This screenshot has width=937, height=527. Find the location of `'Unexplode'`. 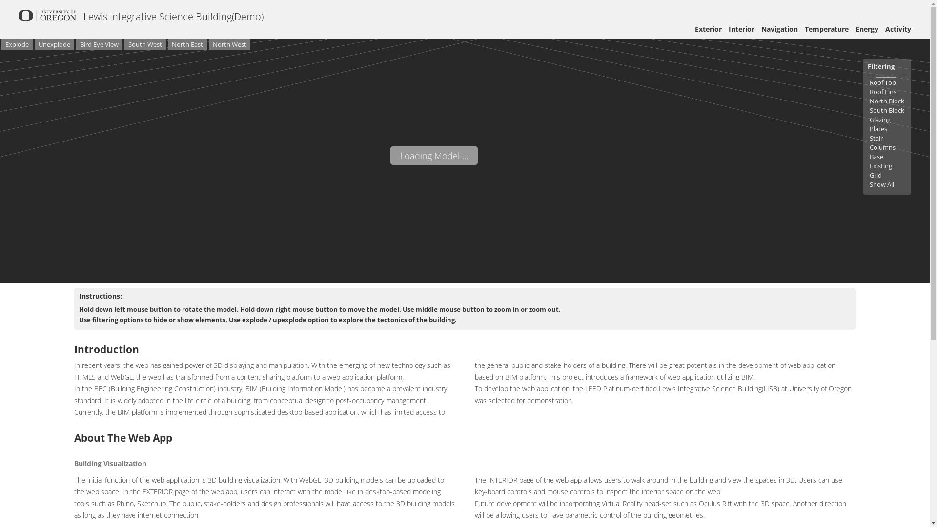

'Unexplode' is located at coordinates (54, 44).